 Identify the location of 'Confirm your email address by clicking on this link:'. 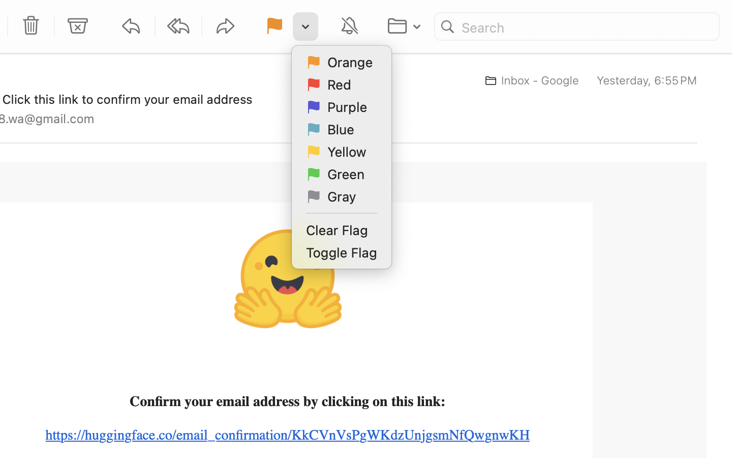
(288, 402).